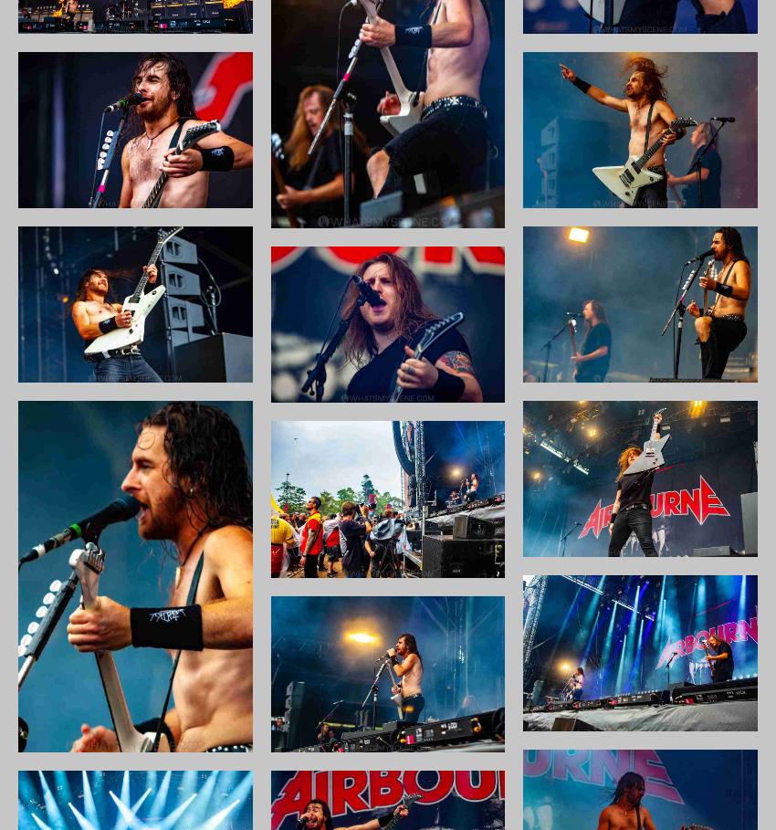 Image resolution: width=776 pixels, height=830 pixels. I want to click on 'March 2021', so click(579, 491).